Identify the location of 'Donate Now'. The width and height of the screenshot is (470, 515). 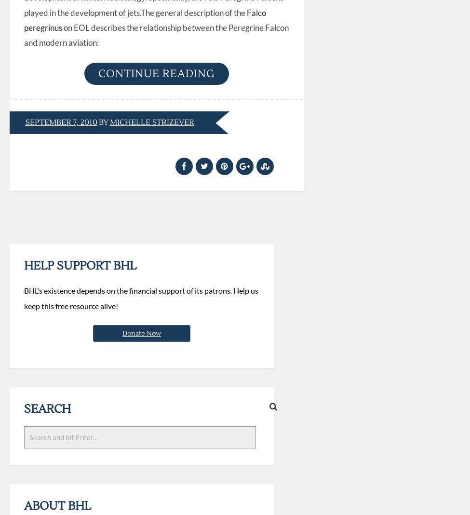
(122, 333).